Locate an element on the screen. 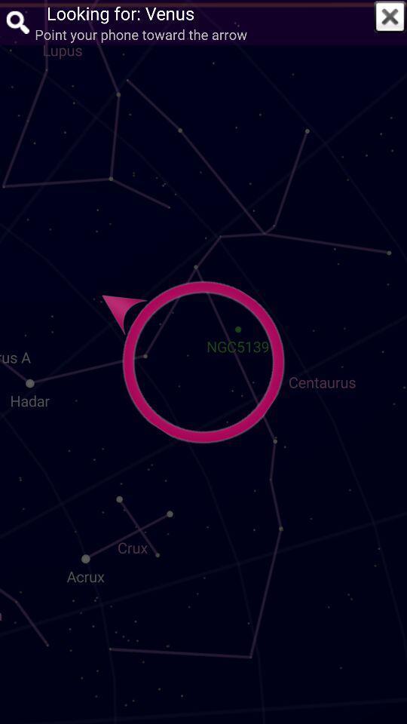 The height and width of the screenshot is (724, 407). window is located at coordinates (390, 16).